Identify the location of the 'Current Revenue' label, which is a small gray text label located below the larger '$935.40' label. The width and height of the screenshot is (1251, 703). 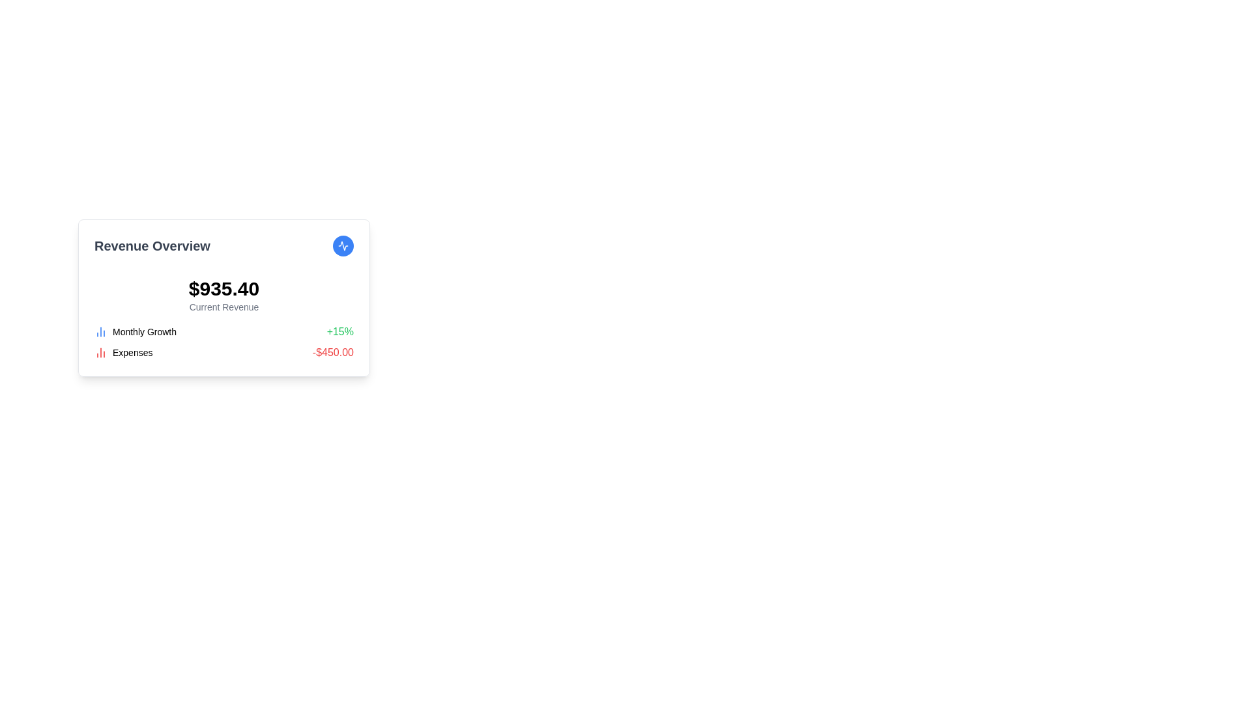
(224, 307).